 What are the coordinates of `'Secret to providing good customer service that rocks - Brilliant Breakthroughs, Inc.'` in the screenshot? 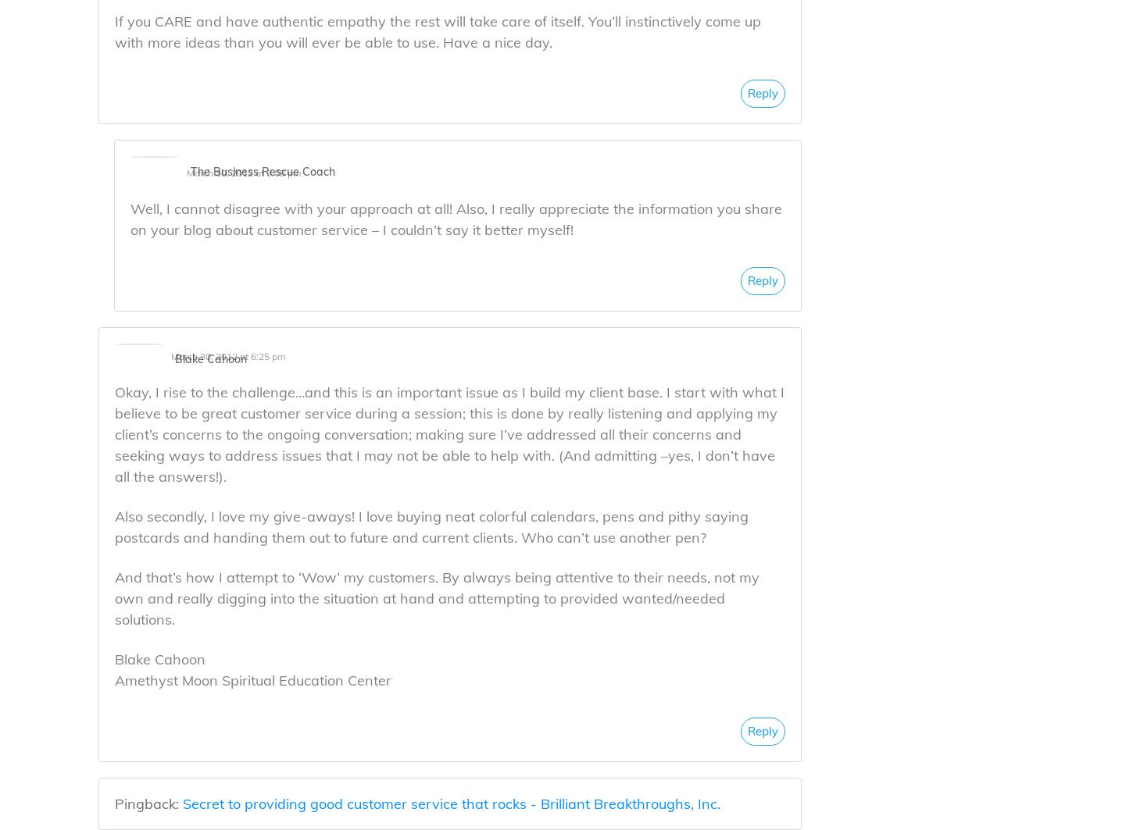 It's located at (451, 802).